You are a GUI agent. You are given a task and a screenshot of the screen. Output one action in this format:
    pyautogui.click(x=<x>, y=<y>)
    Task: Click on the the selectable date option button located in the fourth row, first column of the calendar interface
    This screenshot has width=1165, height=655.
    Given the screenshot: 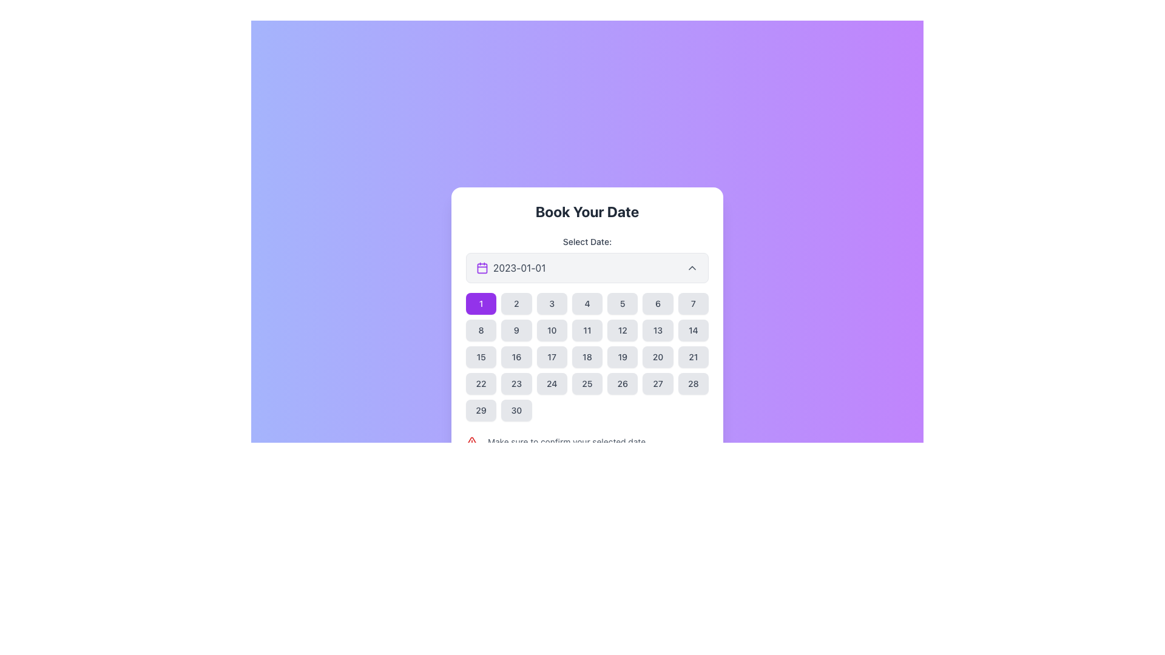 What is the action you would take?
    pyautogui.click(x=481, y=383)
    